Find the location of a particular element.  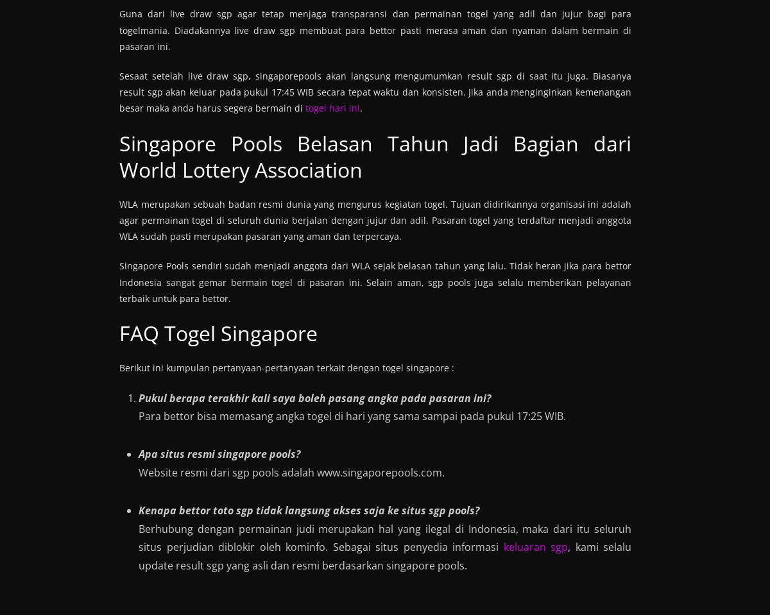

'Sesaat setelah live draw sgp, singaporepools akan langsung mengumumkan result sgp di saat itu juga. Biasanya result sgp akan keluar pada pukul 17:45 WIB secara tepat waktu dan konsisten. Jika anda menginginkan kemenangan besar maka anda harus segera bermain di' is located at coordinates (375, 91).